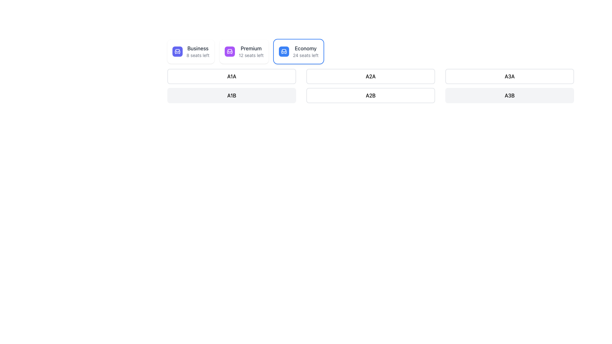 Image resolution: width=612 pixels, height=344 pixels. I want to click on the bottom rectangle labeled 'A3B' of the segmented button group located at the far right of the three-column grid layout, so click(509, 87).